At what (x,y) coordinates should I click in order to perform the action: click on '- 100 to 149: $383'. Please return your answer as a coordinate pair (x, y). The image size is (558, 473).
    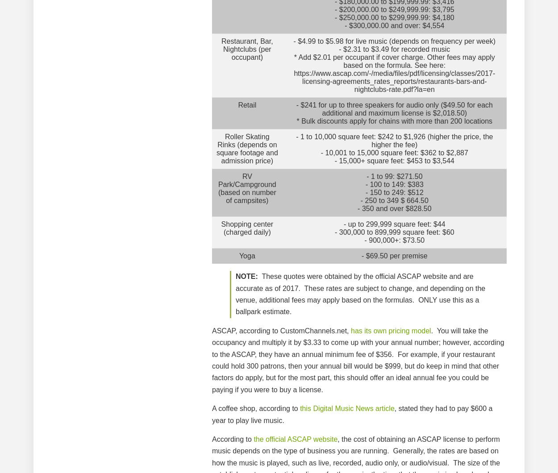
    Looking at the image, I should click on (394, 184).